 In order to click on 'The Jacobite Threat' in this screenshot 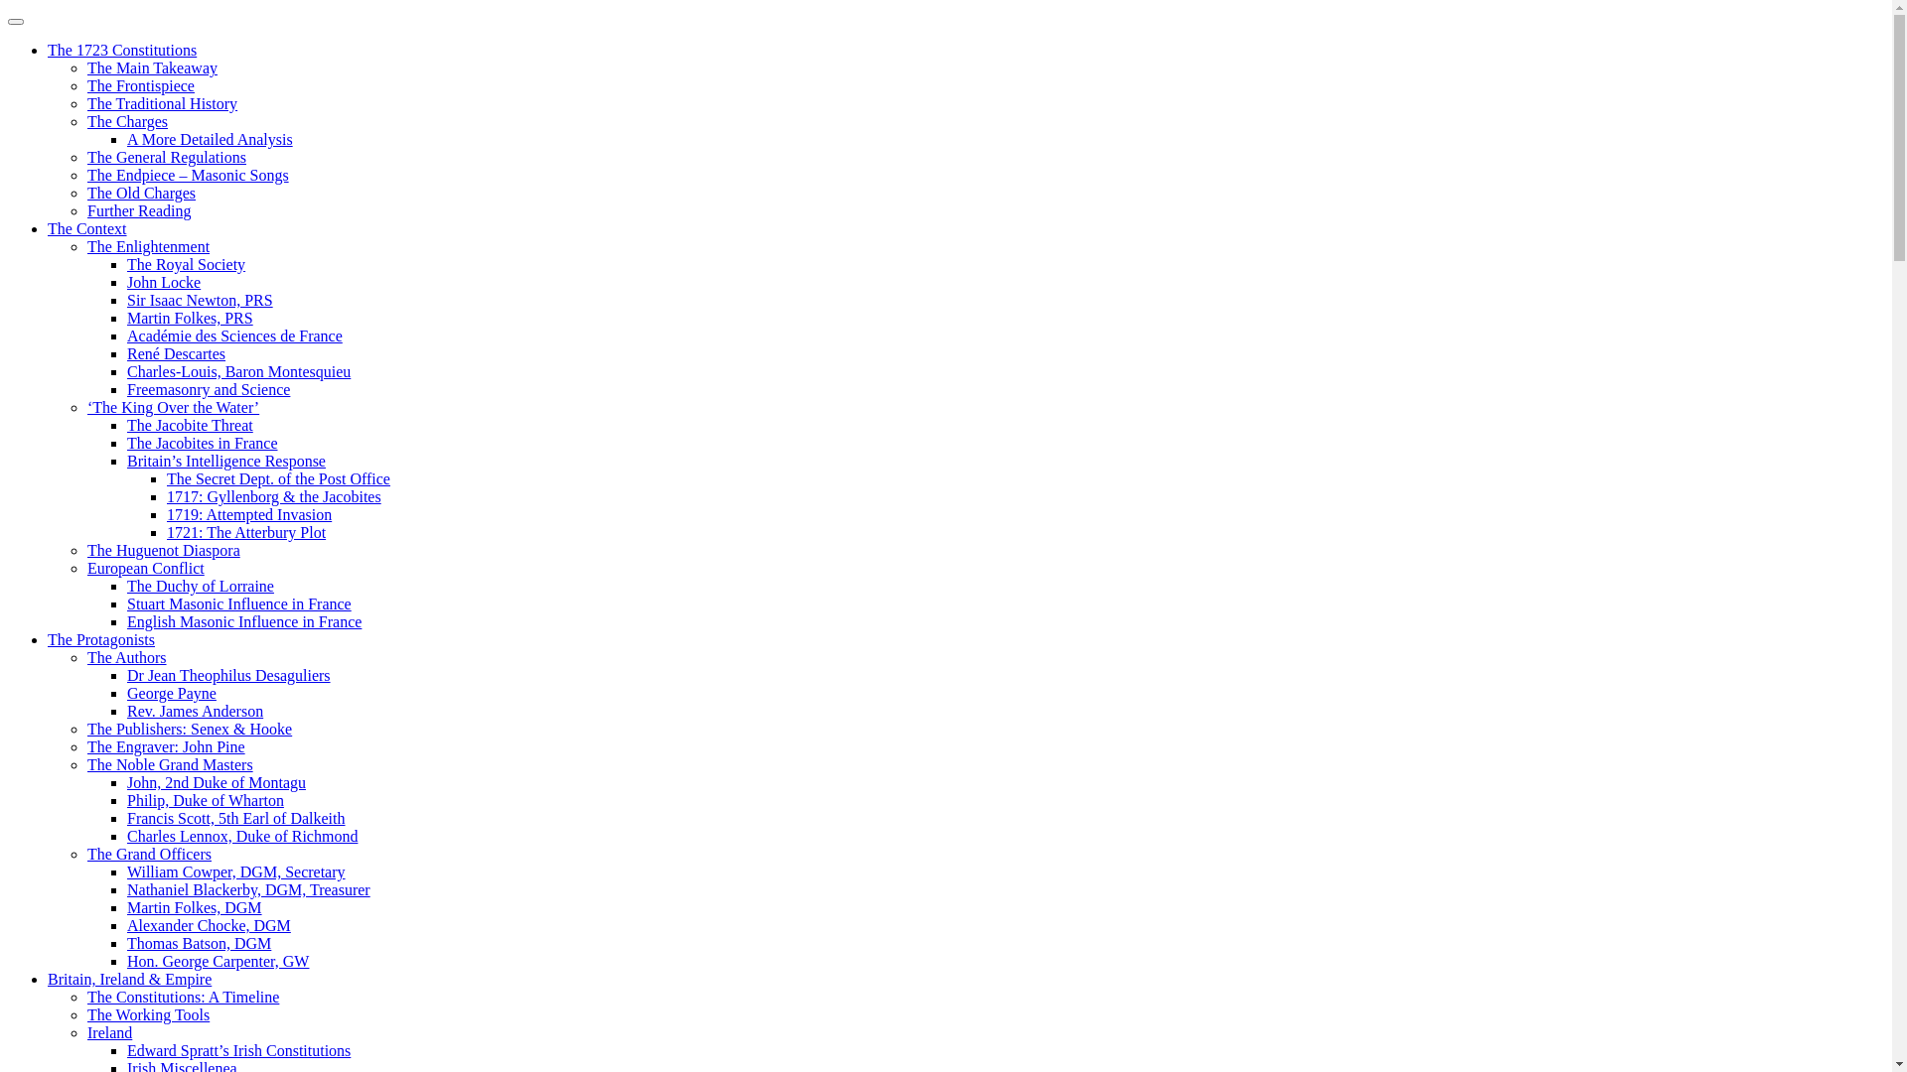, I will do `click(126, 424)`.